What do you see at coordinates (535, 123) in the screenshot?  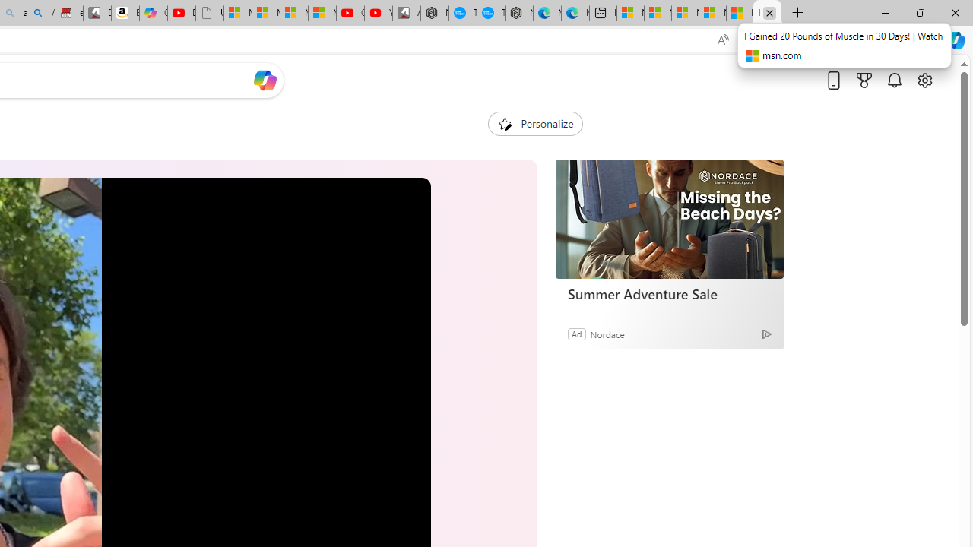 I see `'Personalize'` at bounding box center [535, 123].